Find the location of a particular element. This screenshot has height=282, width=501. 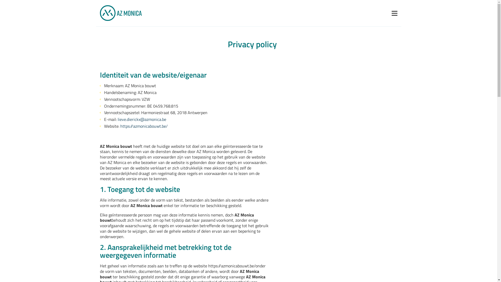

'https://azmonicabouwt.be/' is located at coordinates (144, 126).